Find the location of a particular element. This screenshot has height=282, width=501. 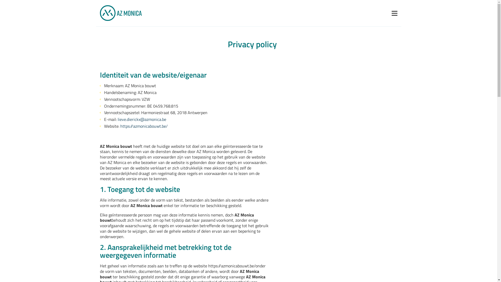

'https://azmonicabouwt.be/' is located at coordinates (144, 126).